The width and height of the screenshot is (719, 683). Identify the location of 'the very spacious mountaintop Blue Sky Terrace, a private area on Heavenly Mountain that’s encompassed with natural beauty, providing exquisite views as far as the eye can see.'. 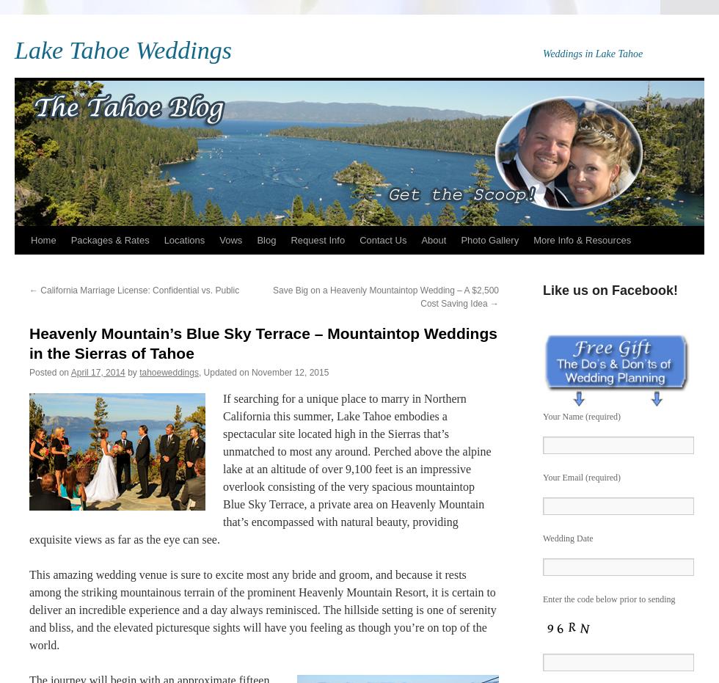
(256, 511).